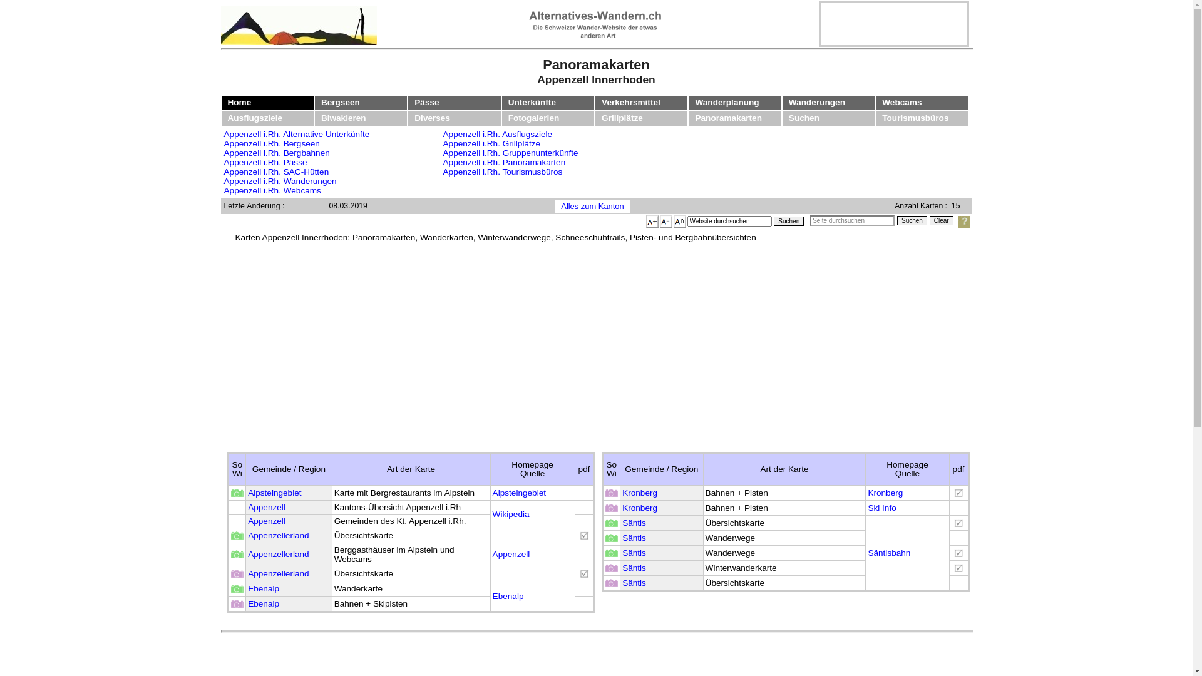 The height and width of the screenshot is (676, 1202). What do you see at coordinates (271, 143) in the screenshot?
I see `'Appenzell i.Rh. Bergseen'` at bounding box center [271, 143].